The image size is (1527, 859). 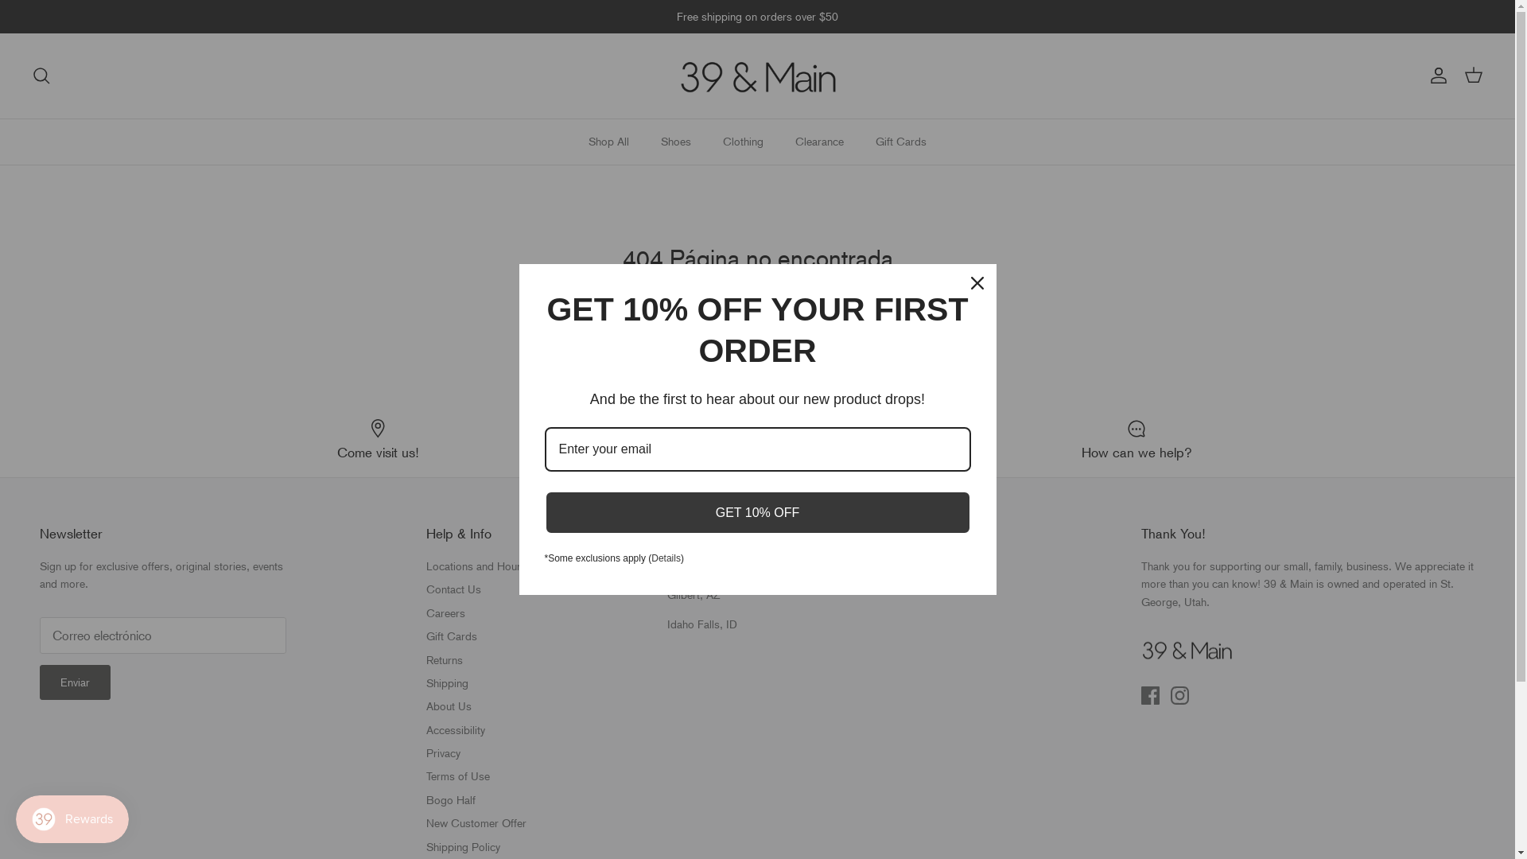 I want to click on 'Facebook', so click(x=1150, y=694).